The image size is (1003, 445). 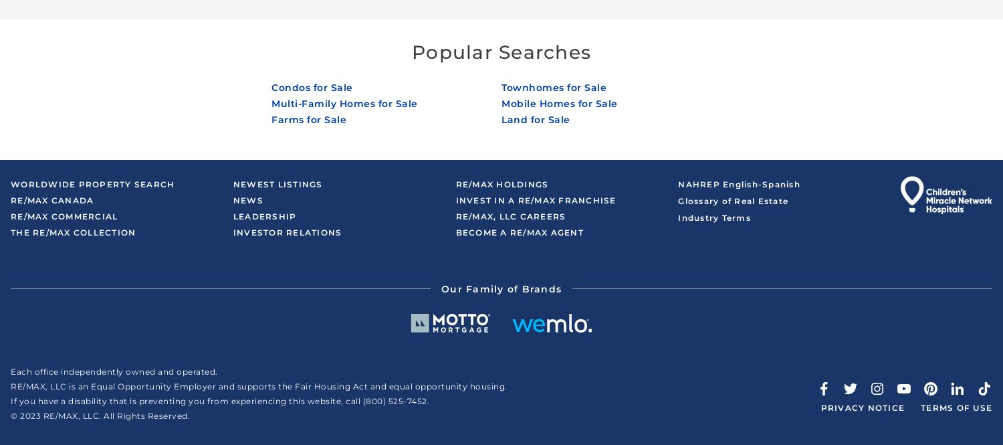 What do you see at coordinates (956, 407) in the screenshot?
I see `'Terms of Use'` at bounding box center [956, 407].